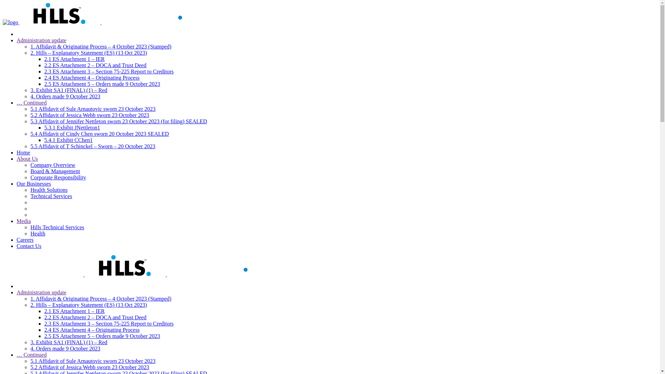  Describe the element at coordinates (99, 134) in the screenshot. I see `'5.4 Affidavit of Cindy Chen sworn 20 October 2023 SEALED'` at that location.